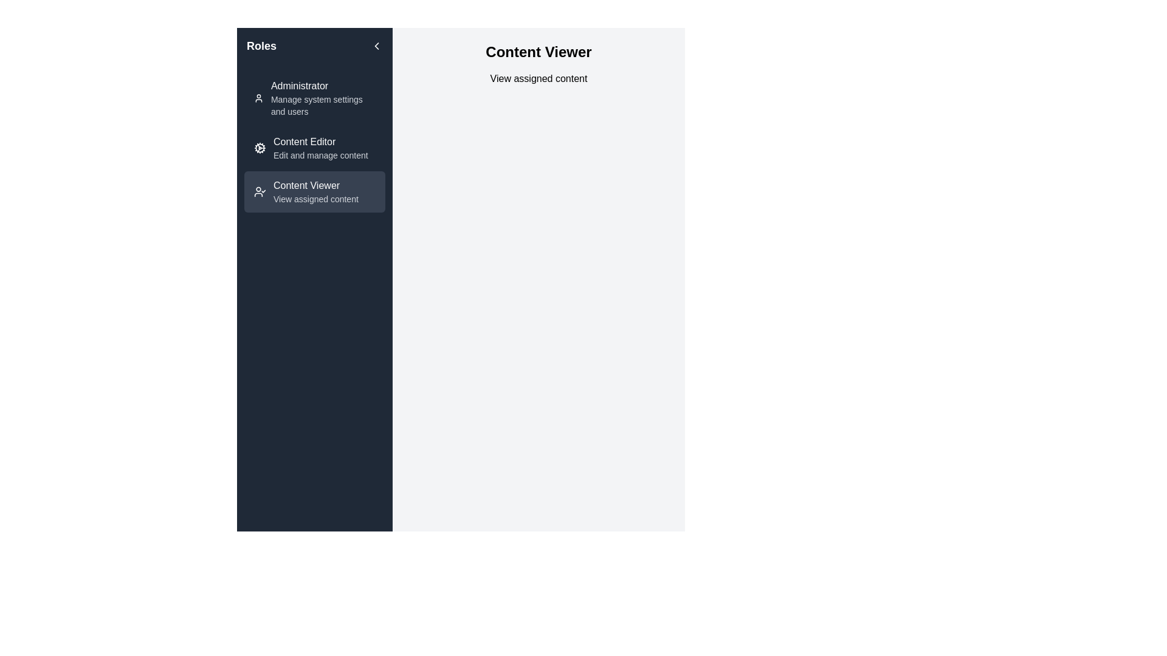 Image resolution: width=1167 pixels, height=656 pixels. I want to click on the 'Content Editor' navigation item in the sidebar menu, so click(315, 147).